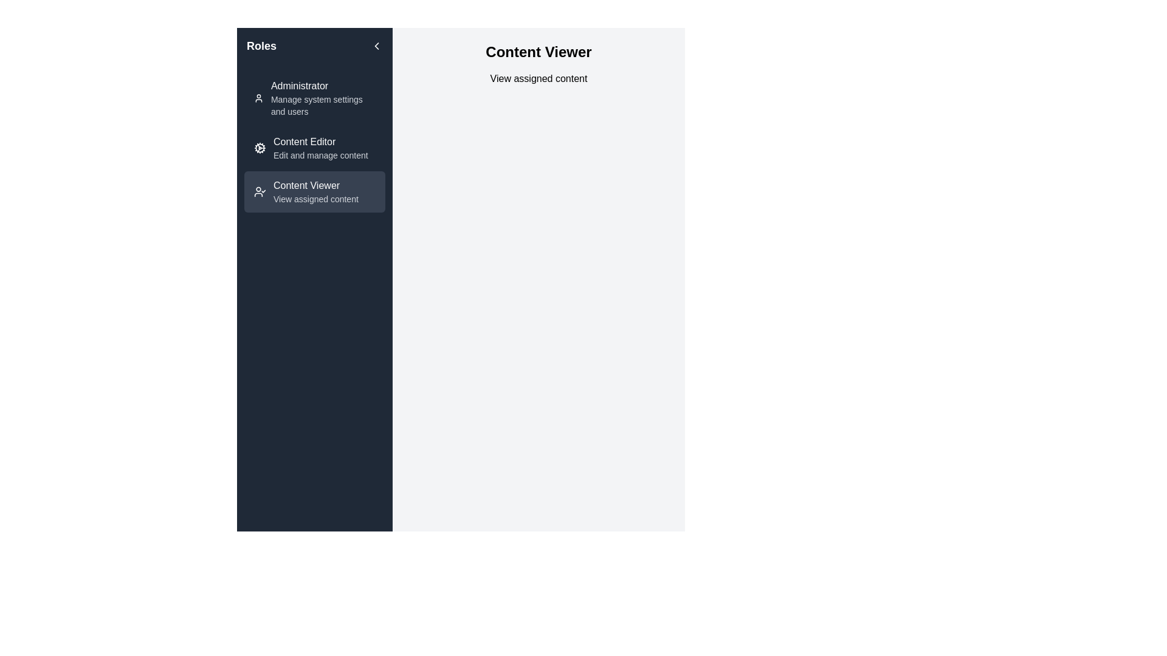 Image resolution: width=1167 pixels, height=656 pixels. I want to click on the 'Content Editor' navigation item in the sidebar menu, so click(315, 147).